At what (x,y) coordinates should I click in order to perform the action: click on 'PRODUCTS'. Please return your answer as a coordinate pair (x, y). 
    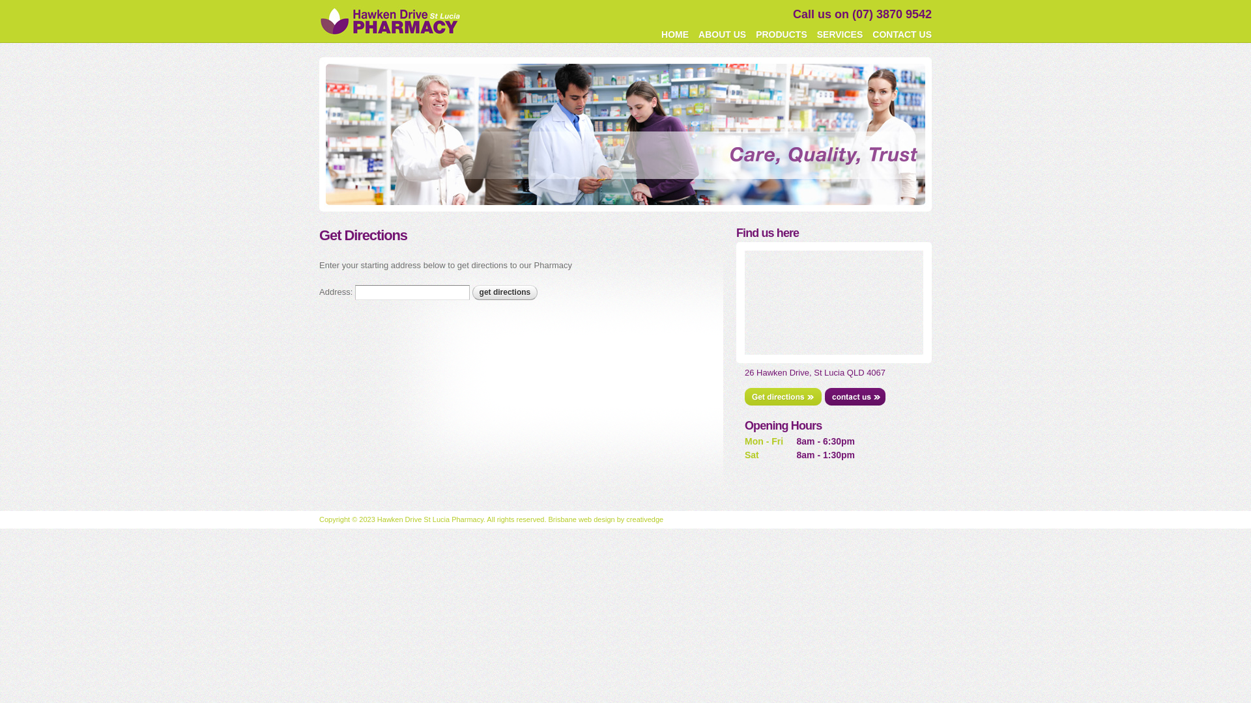
    Looking at the image, I should click on (781, 34).